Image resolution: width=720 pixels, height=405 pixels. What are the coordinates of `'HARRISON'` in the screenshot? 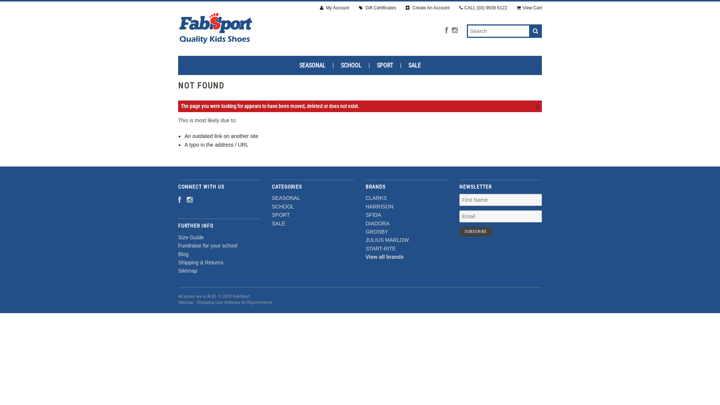 It's located at (365, 207).